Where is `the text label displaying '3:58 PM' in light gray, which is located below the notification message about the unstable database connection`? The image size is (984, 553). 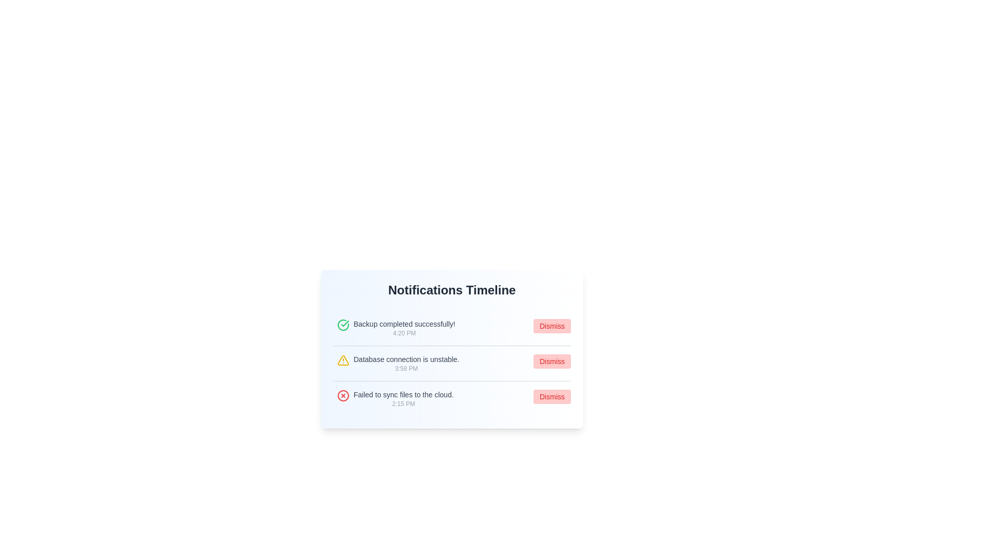 the text label displaying '3:58 PM' in light gray, which is located below the notification message about the unstable database connection is located at coordinates (406, 369).